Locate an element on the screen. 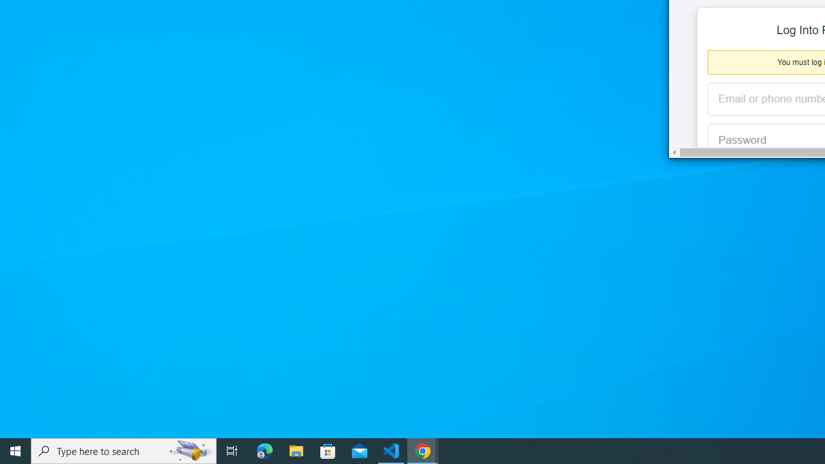 The width and height of the screenshot is (825, 464). 'File Explorer' is located at coordinates (296, 450).